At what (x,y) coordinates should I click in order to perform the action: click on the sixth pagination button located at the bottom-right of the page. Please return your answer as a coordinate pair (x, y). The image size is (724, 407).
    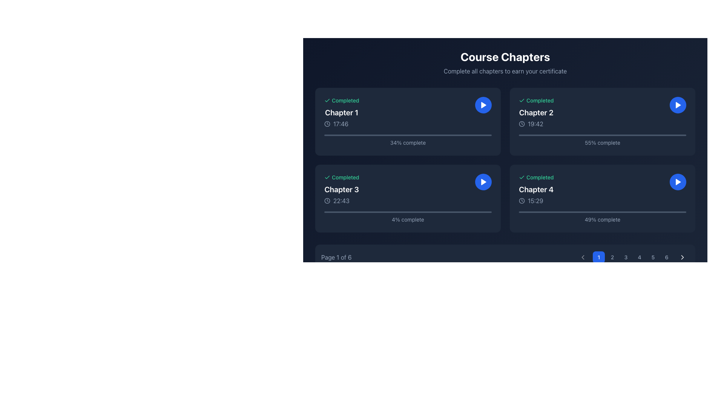
    Looking at the image, I should click on (666, 257).